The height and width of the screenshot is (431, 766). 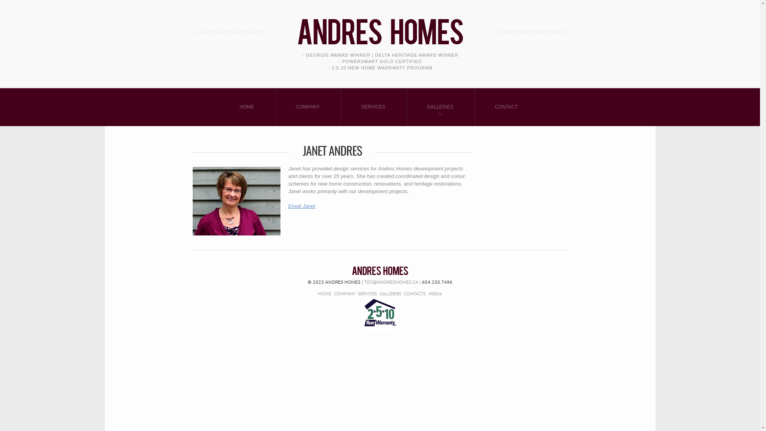 I want to click on 'Quality Built Homes', so click(x=379, y=25).